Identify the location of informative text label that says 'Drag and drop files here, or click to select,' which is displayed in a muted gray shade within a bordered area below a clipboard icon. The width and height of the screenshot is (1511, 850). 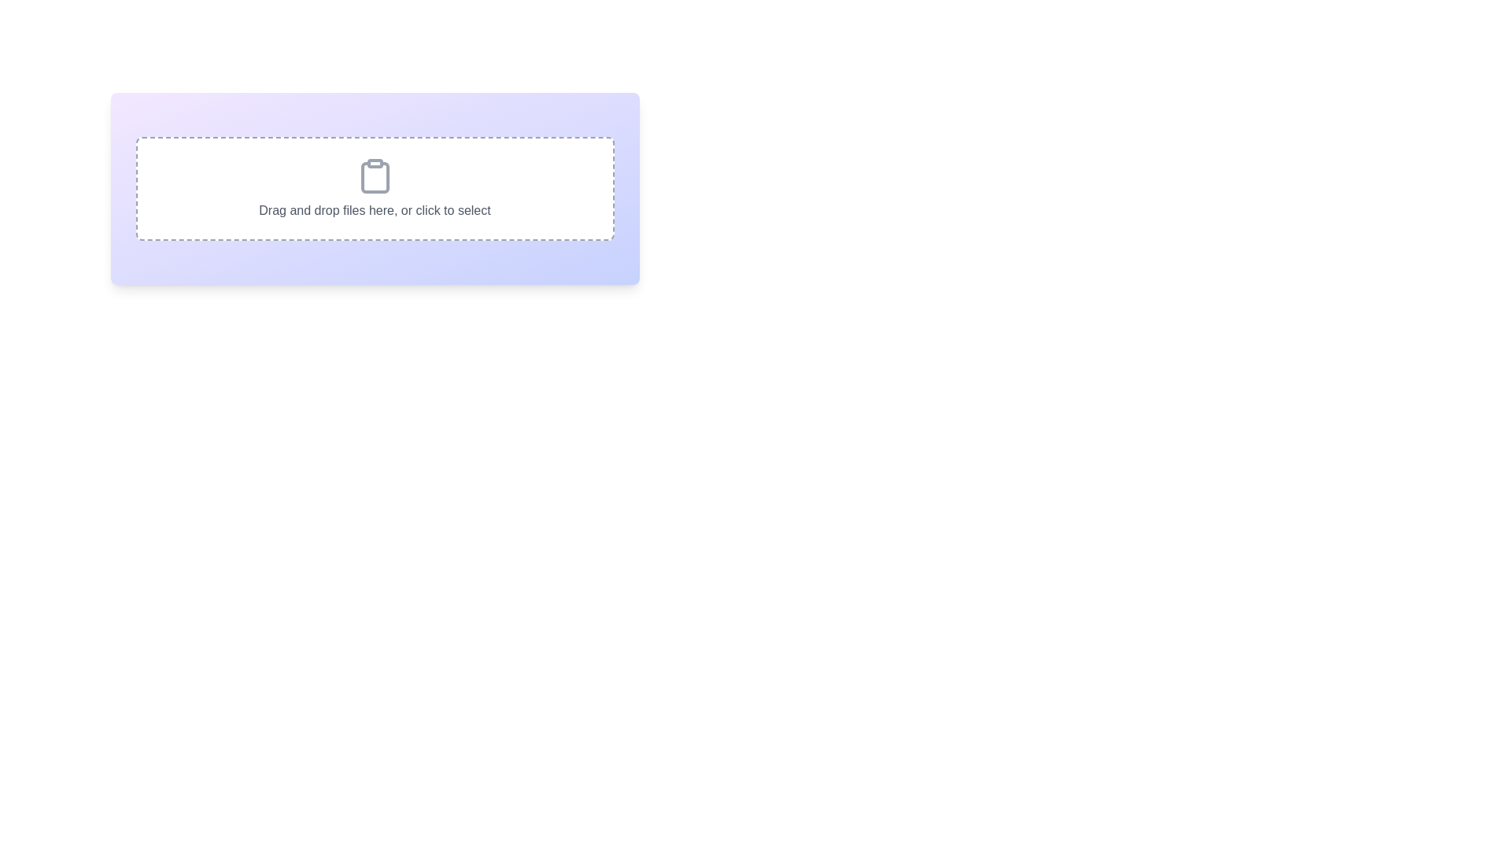
(374, 209).